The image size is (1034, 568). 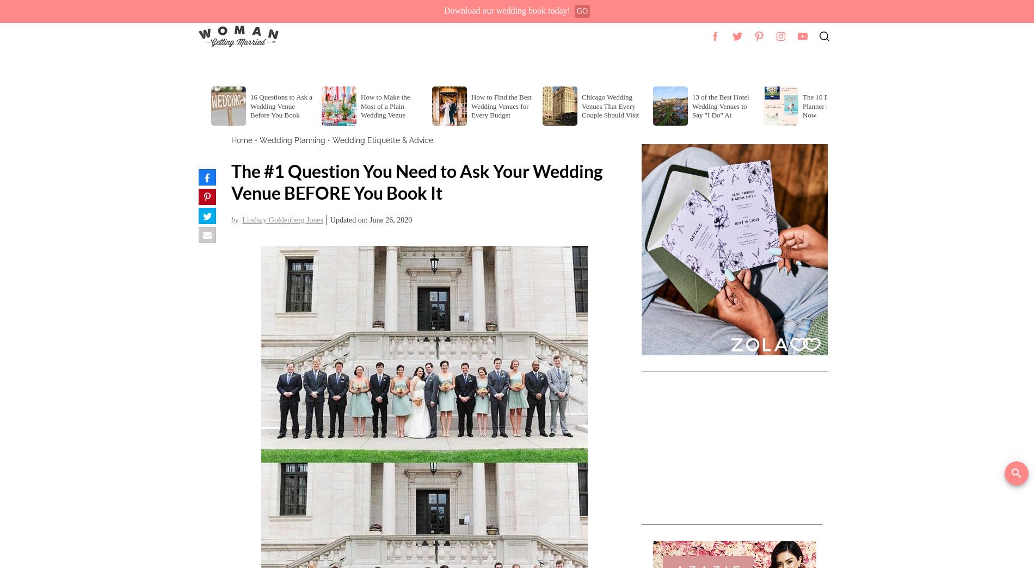 I want to click on 'Ceremony + Reception', so click(x=319, y=65).